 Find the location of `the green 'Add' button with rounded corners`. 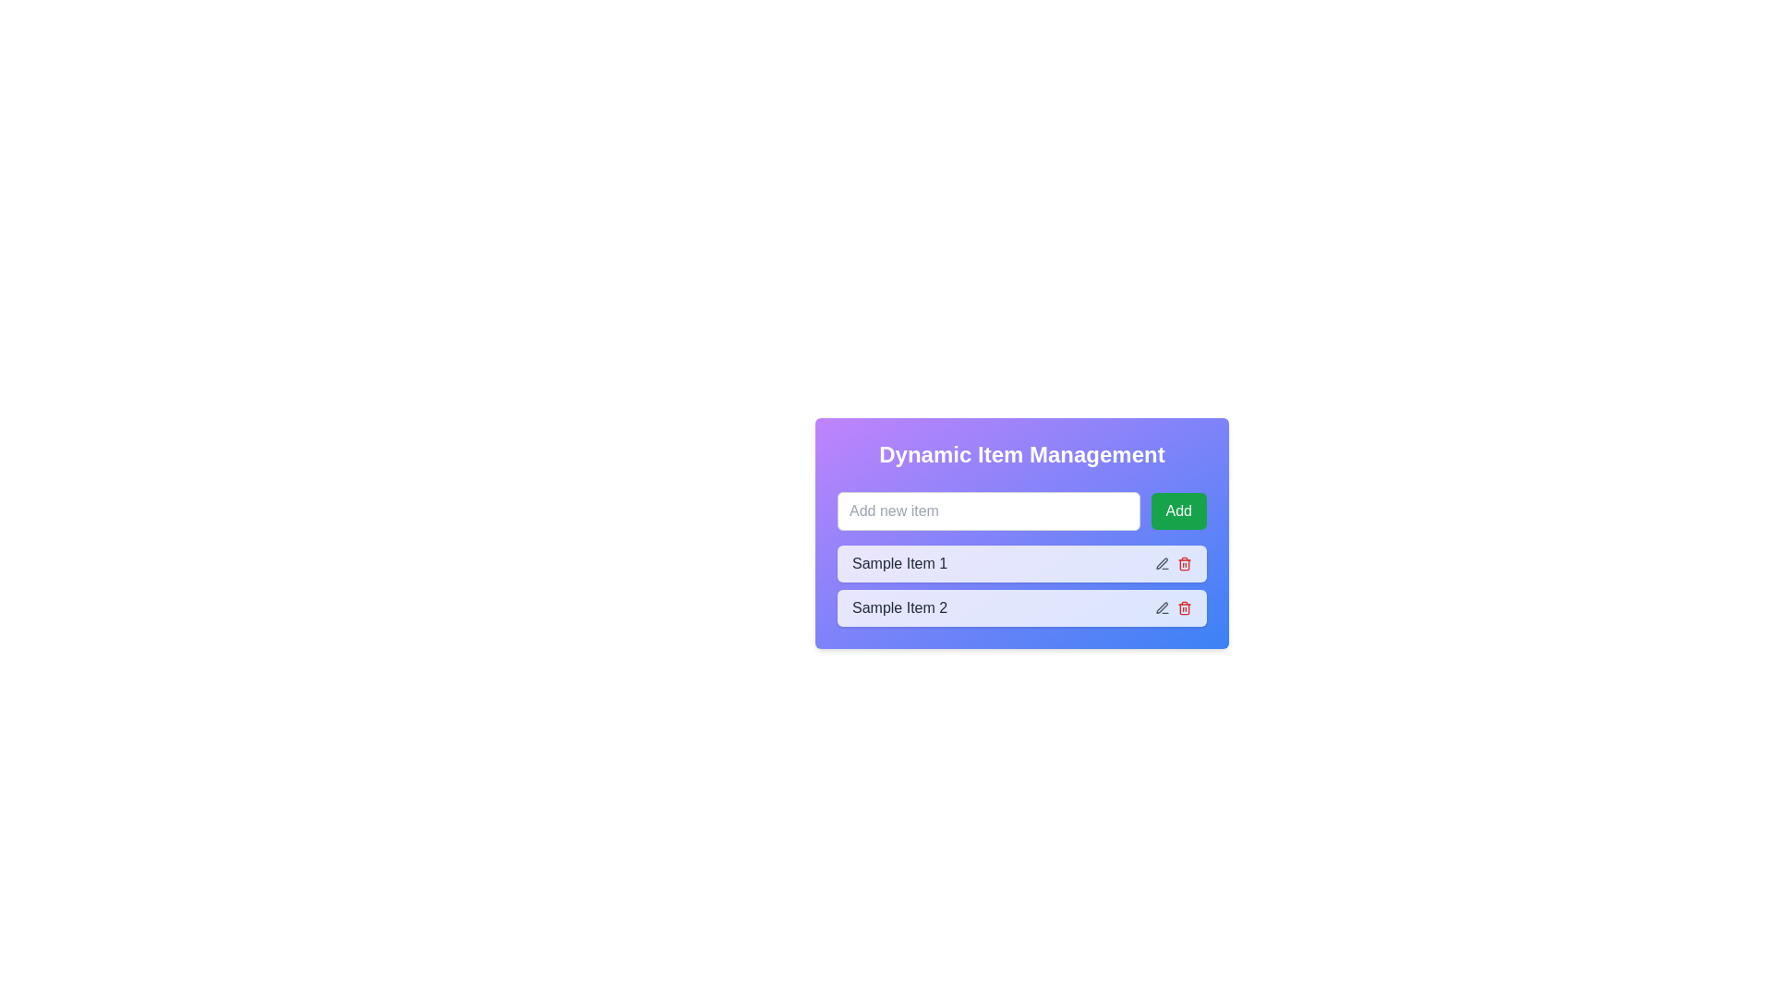

the green 'Add' button with rounded corners is located at coordinates (1177, 511).